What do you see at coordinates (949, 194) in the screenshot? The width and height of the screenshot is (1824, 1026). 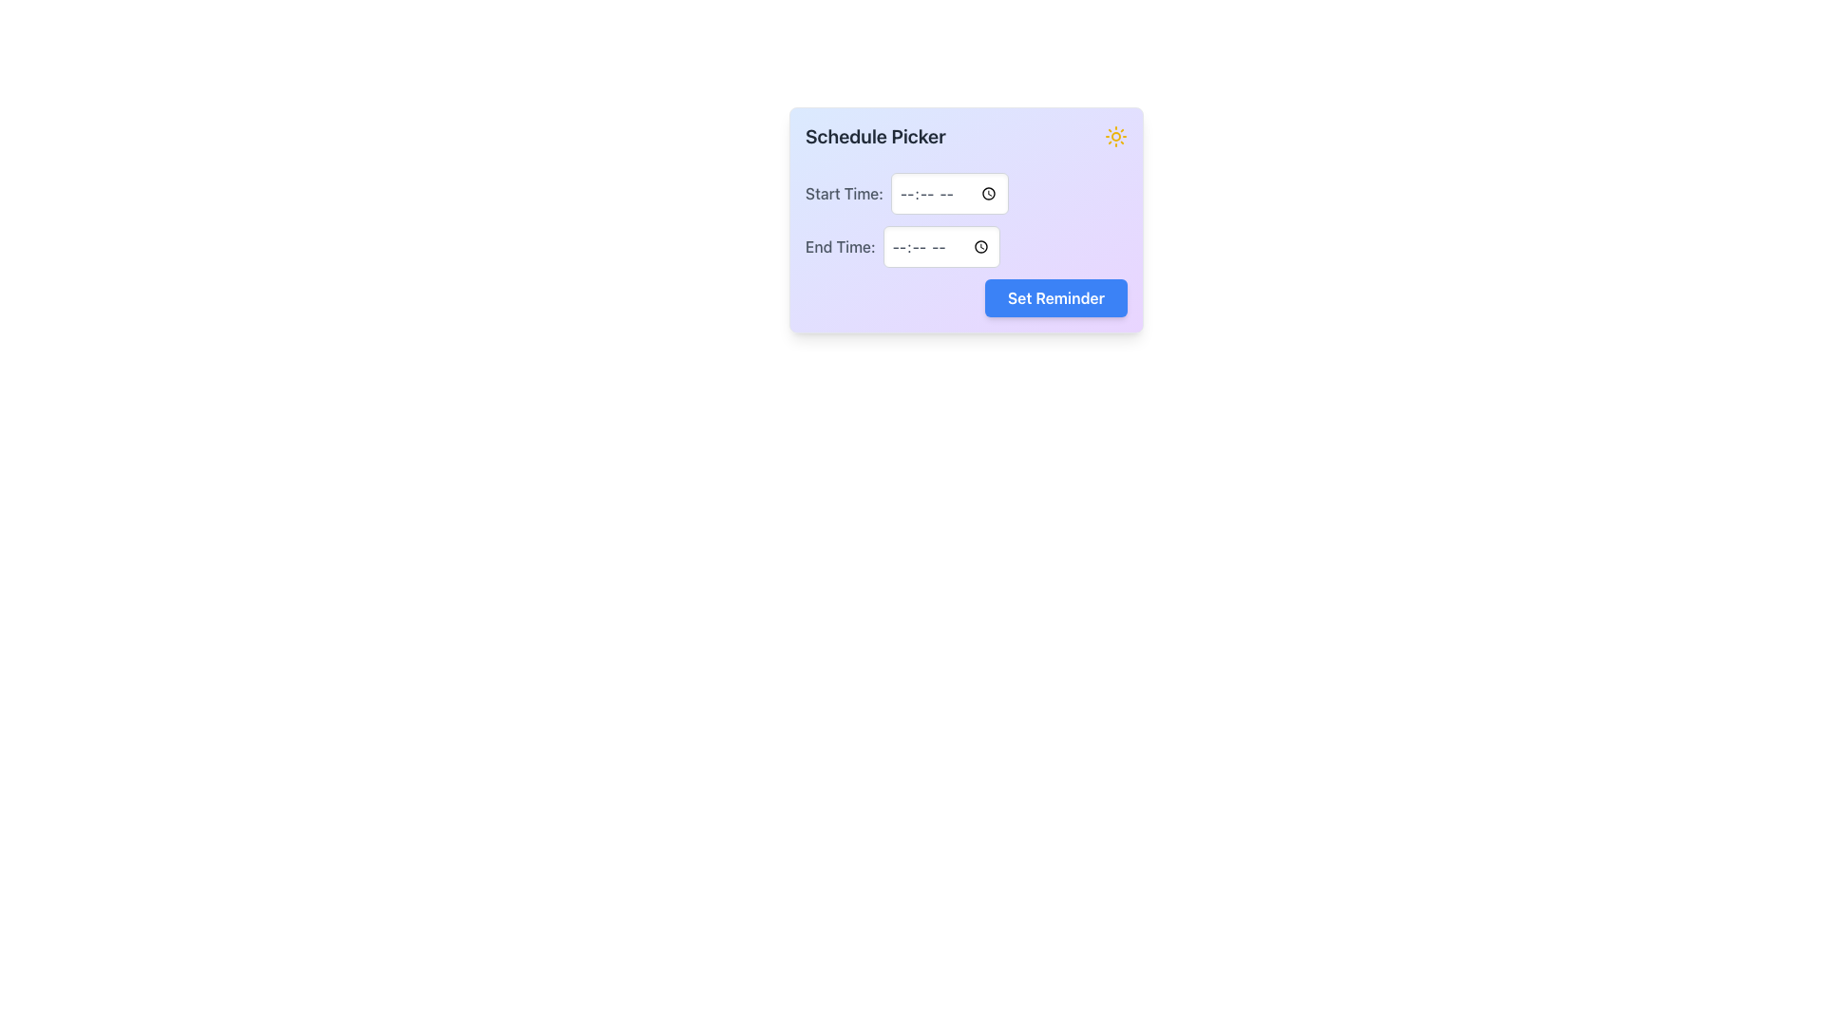 I see `the Time input field located within the 'Start Time:' section of the schedule picker interface` at bounding box center [949, 194].